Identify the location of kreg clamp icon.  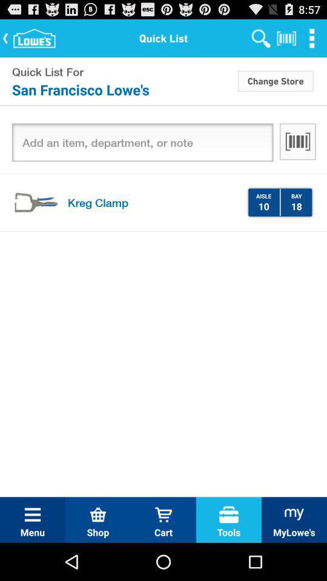
(153, 202).